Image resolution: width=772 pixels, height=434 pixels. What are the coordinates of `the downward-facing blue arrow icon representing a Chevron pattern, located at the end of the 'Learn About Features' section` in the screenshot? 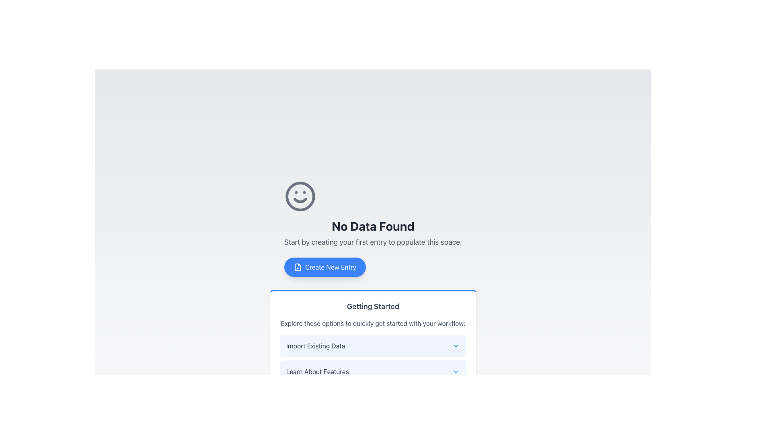 It's located at (456, 372).